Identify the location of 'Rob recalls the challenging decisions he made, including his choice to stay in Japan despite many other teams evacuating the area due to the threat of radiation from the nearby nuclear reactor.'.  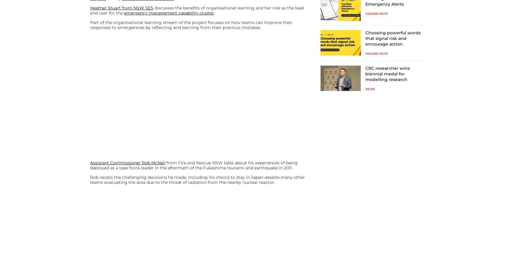
(197, 179).